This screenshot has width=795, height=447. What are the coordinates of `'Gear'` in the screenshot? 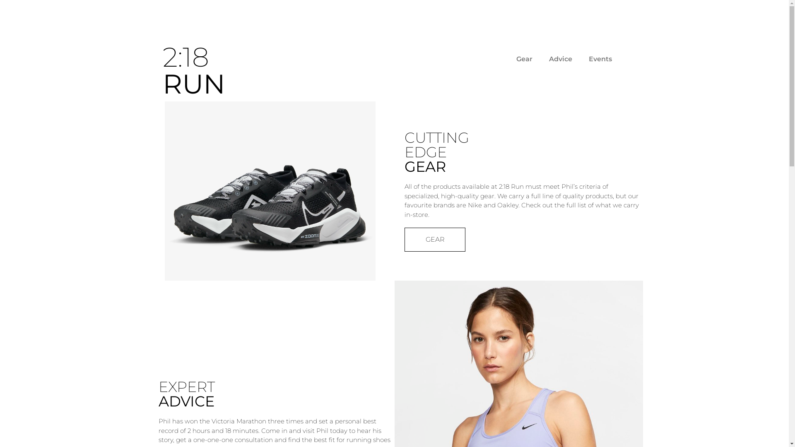 It's located at (523, 58).